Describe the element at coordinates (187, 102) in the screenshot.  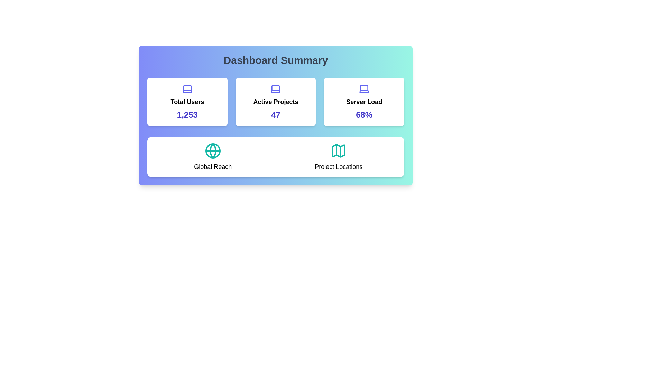
I see `the text label indicating the total number of users ('1,253') located in the first card of the top row of the dashboard grid layout, positioned below the laptop icon` at that location.